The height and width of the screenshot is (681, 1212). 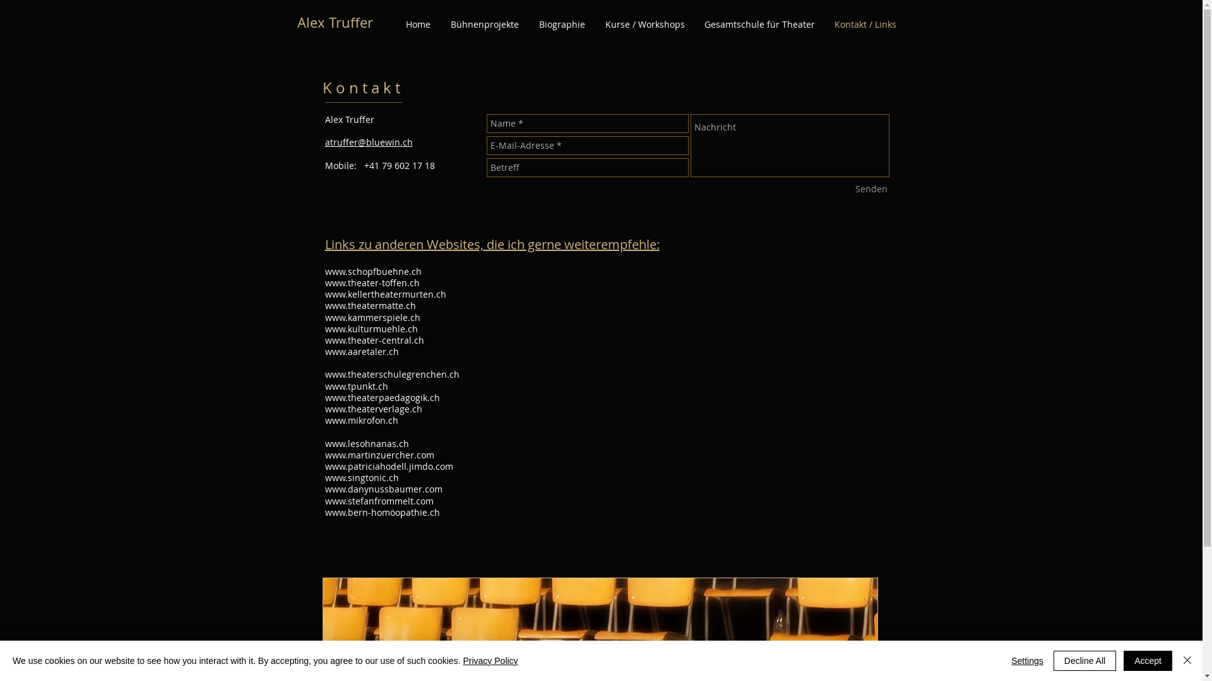 What do you see at coordinates (1148, 660) in the screenshot?
I see `'Accept'` at bounding box center [1148, 660].